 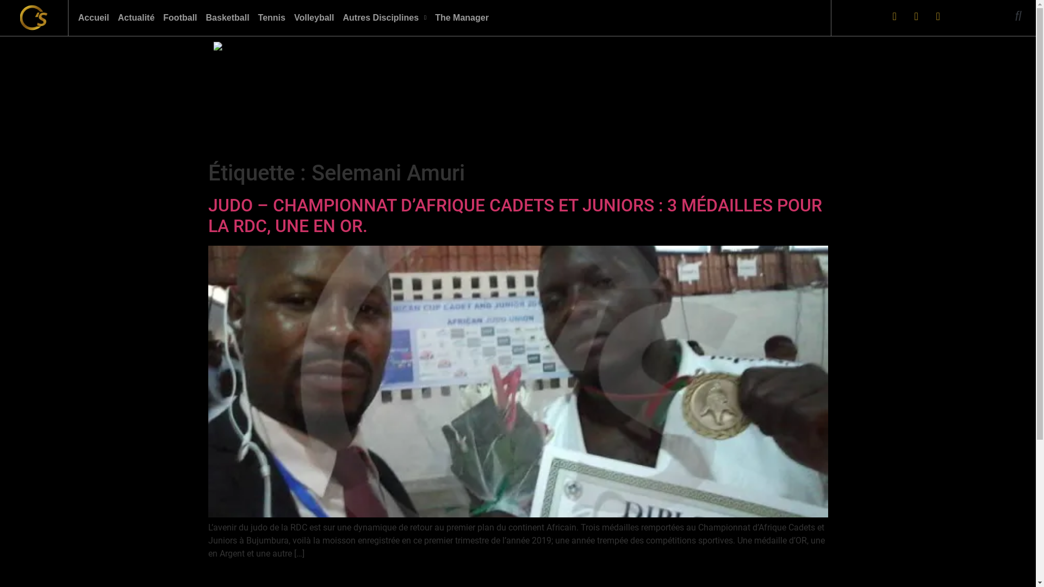 What do you see at coordinates (313, 18) in the screenshot?
I see `'Volleyball'` at bounding box center [313, 18].